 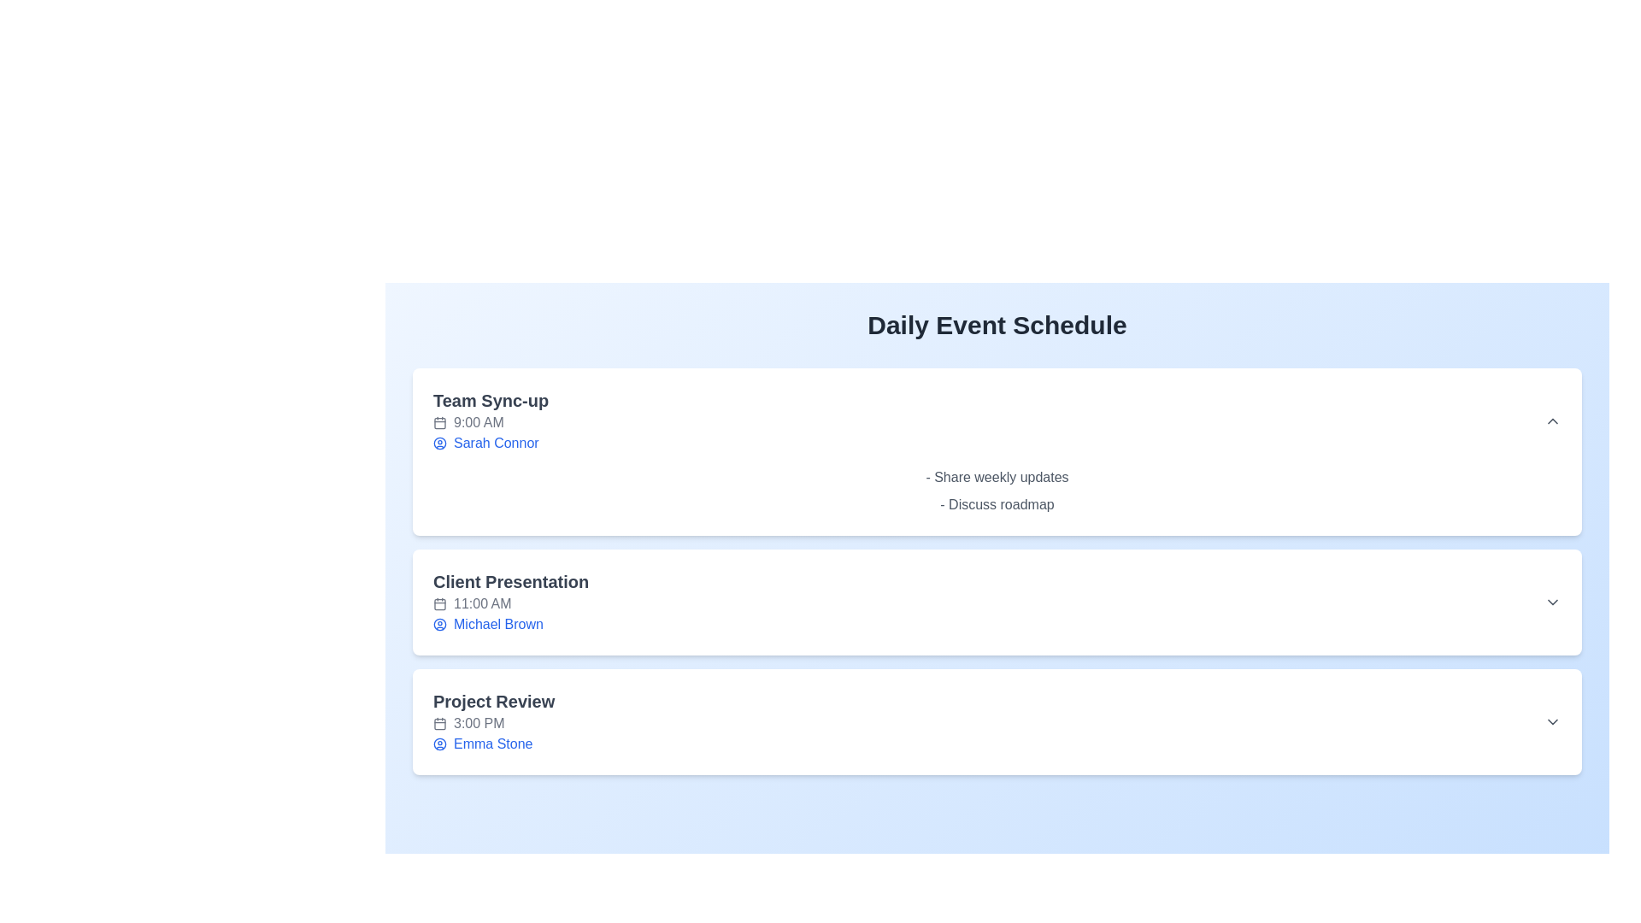 What do you see at coordinates (490, 443) in the screenshot?
I see `the clickable text indicating the participant 'Sarah Connor' associated with the 'Team Sync-up' event` at bounding box center [490, 443].